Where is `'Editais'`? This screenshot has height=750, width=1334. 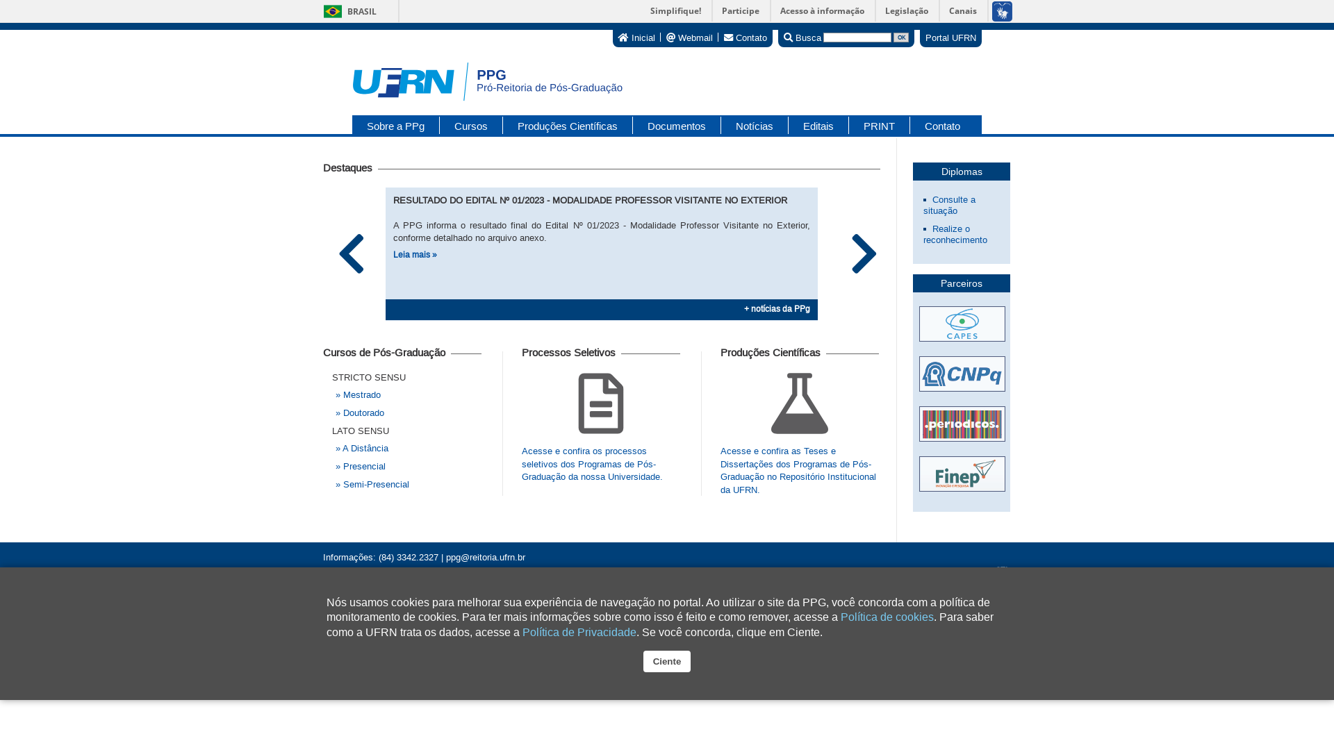
'Editais' is located at coordinates (818, 125).